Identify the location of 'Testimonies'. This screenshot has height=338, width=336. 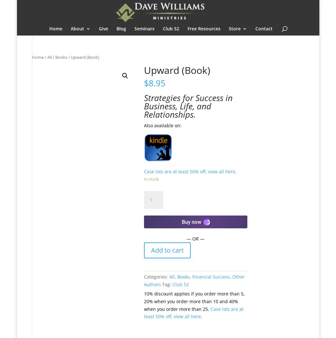
(97, 62).